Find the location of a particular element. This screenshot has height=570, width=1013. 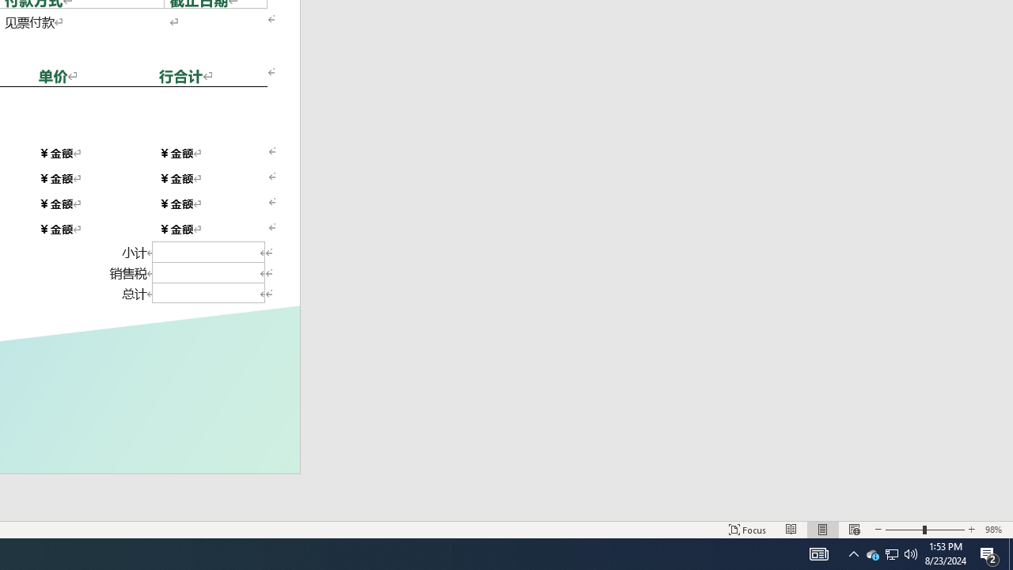

'Zoom Out' is located at coordinates (904, 530).